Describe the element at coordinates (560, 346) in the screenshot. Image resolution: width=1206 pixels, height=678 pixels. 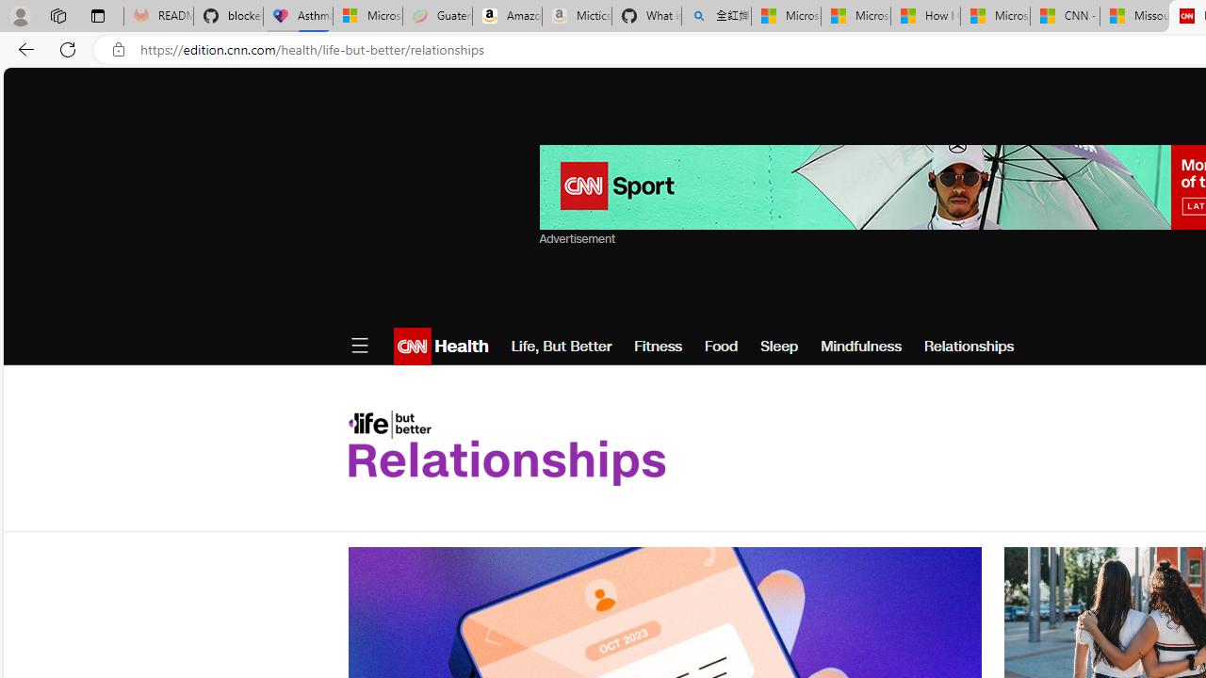
I see `'Life, But Better'` at that location.